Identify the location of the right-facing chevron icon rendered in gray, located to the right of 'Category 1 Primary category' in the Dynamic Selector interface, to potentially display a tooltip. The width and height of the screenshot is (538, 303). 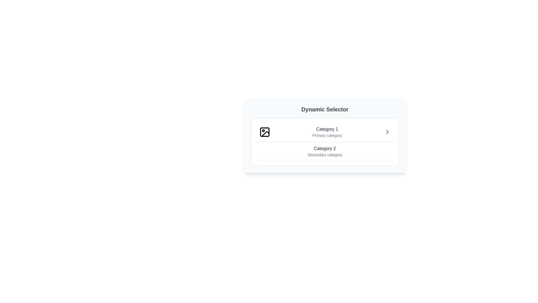
(387, 132).